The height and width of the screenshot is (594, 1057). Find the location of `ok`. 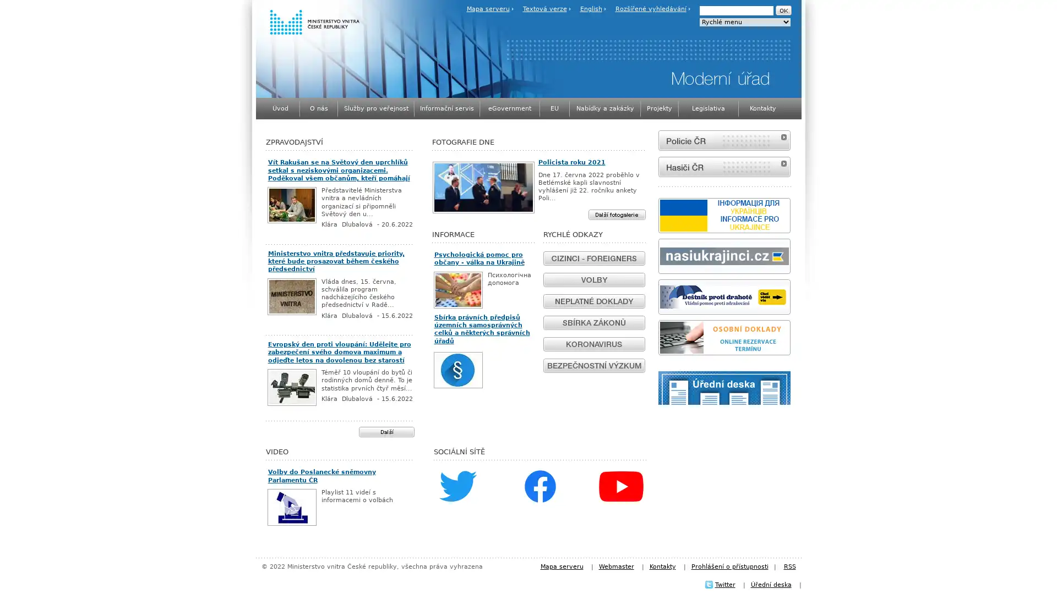

ok is located at coordinates (782, 10).